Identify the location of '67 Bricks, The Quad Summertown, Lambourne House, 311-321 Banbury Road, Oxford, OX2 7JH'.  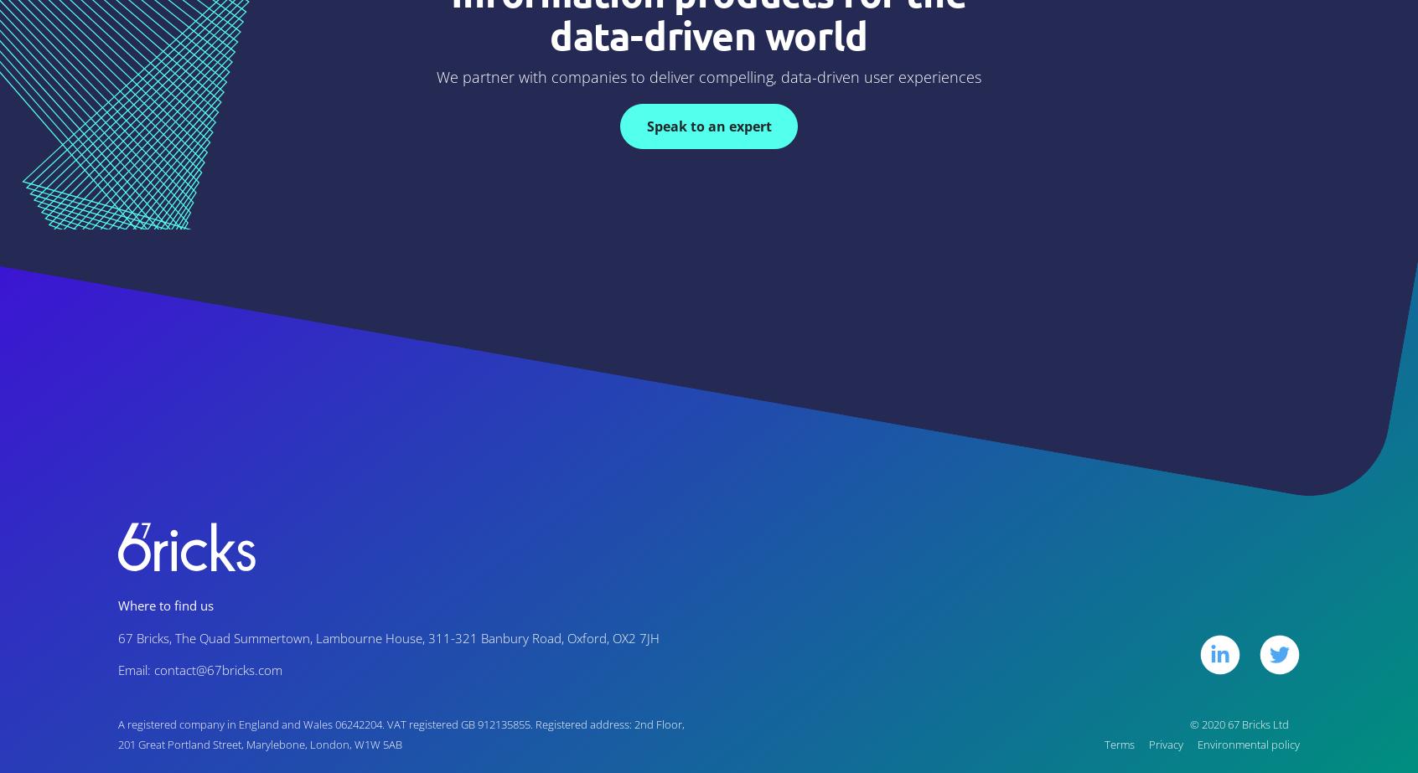
(387, 636).